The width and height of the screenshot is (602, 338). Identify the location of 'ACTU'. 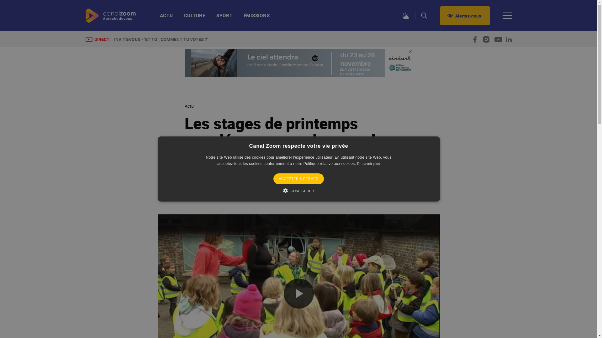
(169, 18).